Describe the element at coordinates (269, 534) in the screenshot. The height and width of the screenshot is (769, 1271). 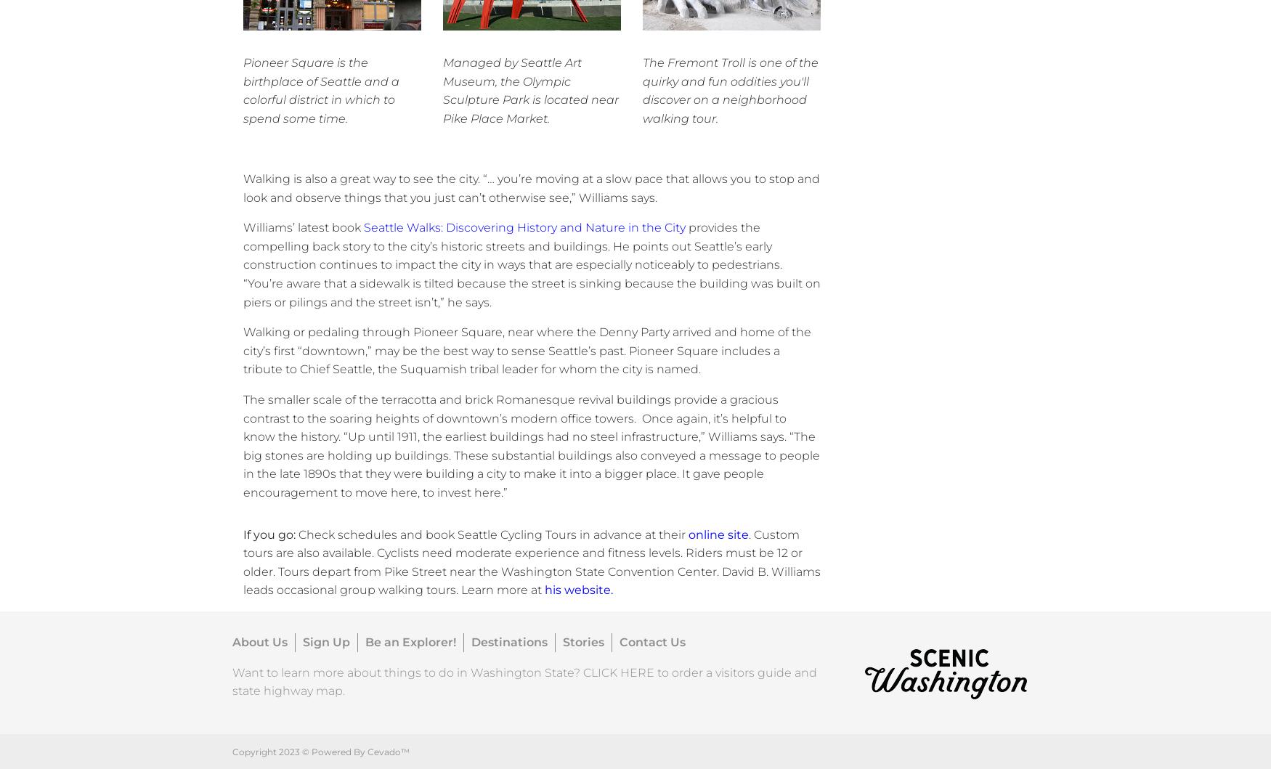
I see `'If you go:'` at that location.